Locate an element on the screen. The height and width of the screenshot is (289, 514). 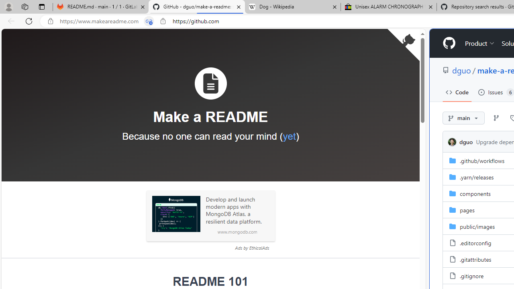
'dguo' is located at coordinates (452, 142).